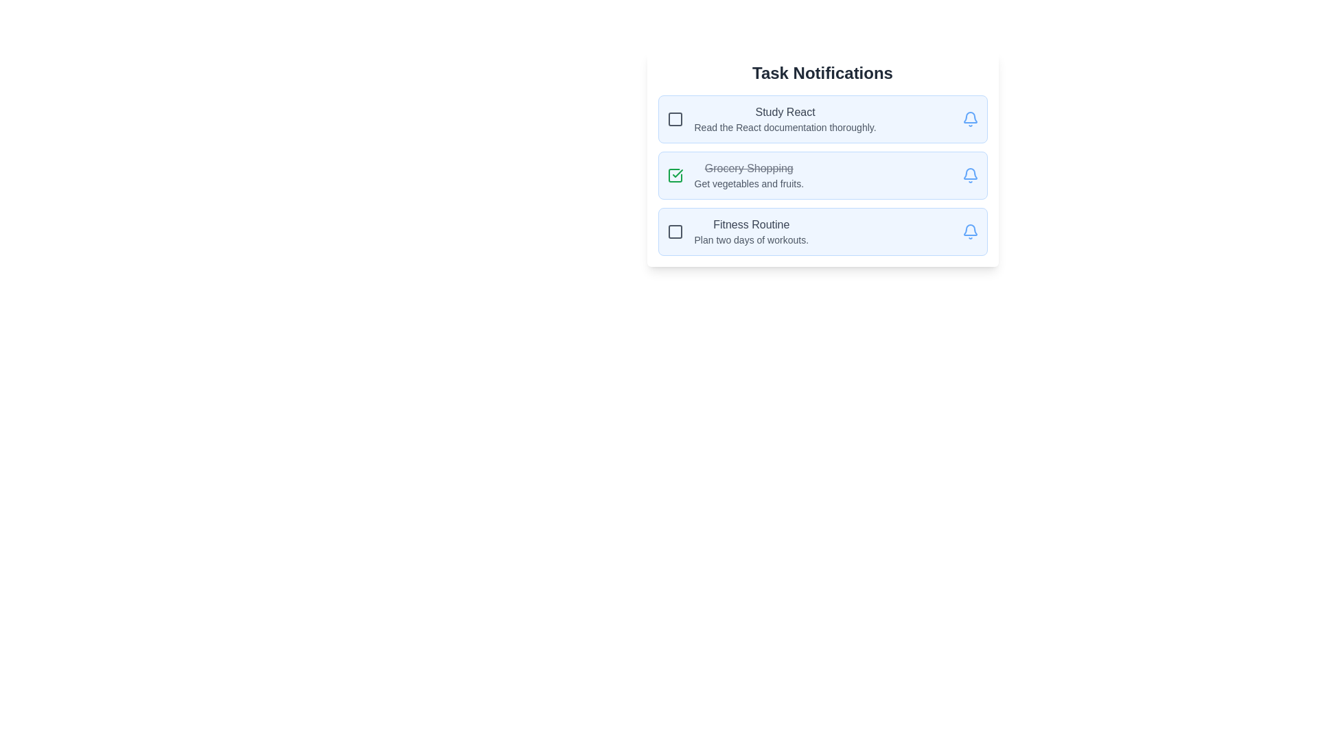 The width and height of the screenshot is (1318, 741). Describe the element at coordinates (675, 118) in the screenshot. I see `the checkbox that toggles the completion status of the task 'Study React.'` at that location.